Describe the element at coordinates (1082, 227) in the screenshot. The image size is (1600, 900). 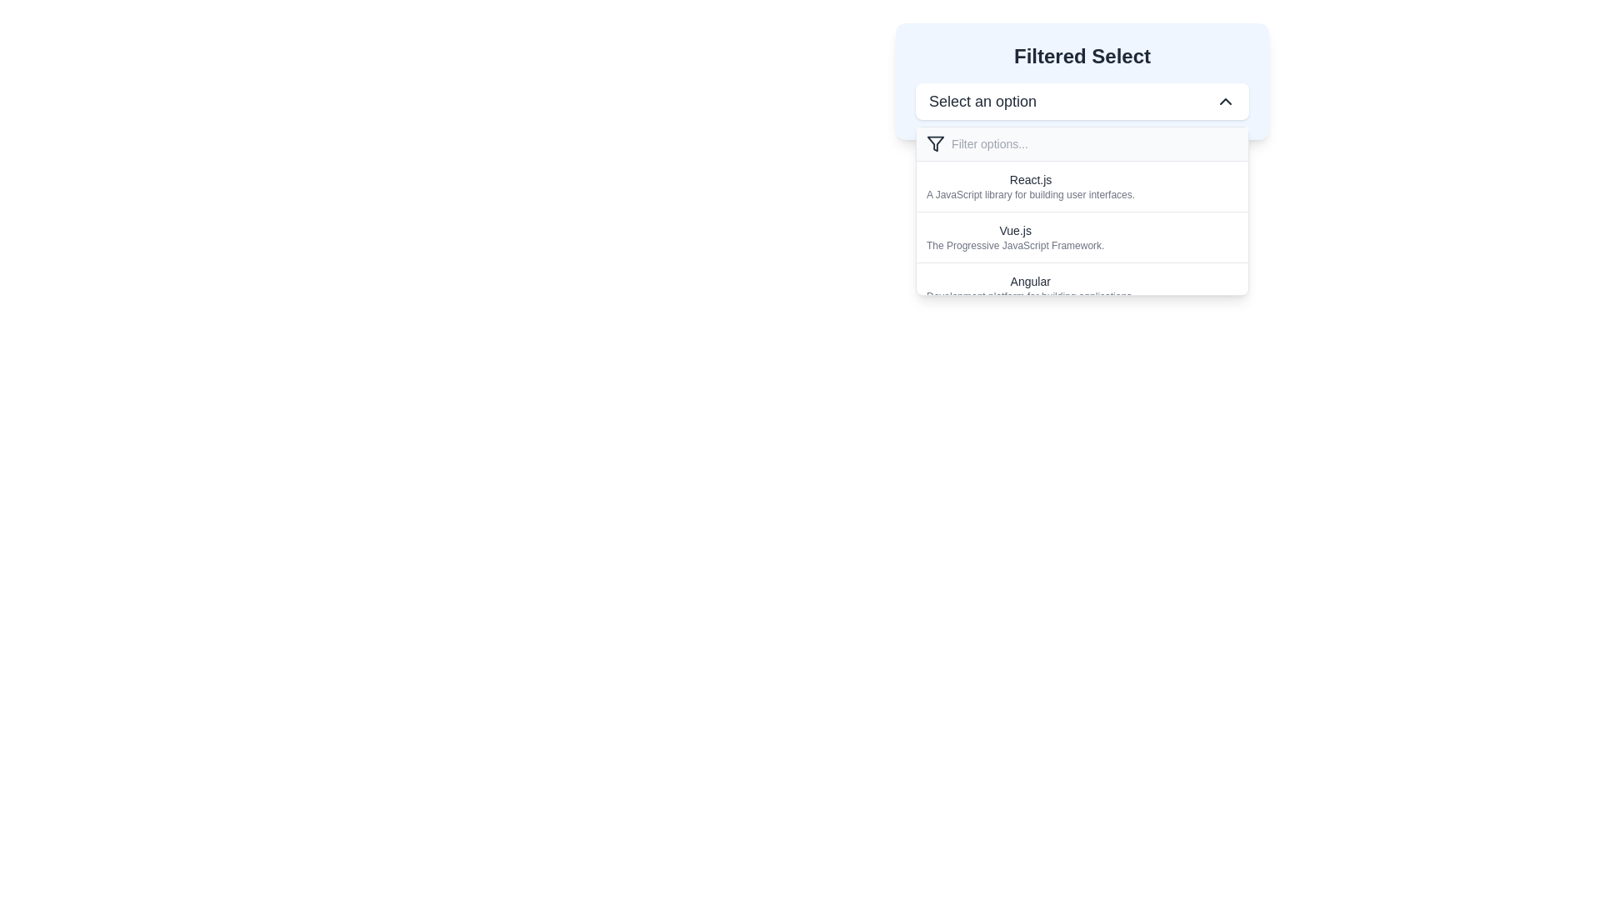
I see `the second dropdown list item labeled 'Vue.js'` at that location.